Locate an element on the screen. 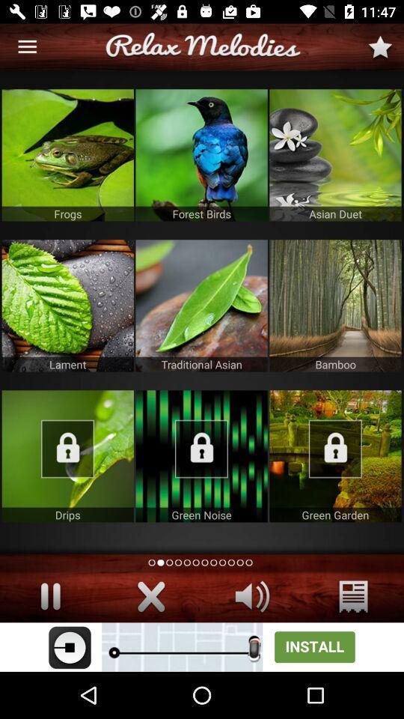  adjust your volume is located at coordinates (252, 596).